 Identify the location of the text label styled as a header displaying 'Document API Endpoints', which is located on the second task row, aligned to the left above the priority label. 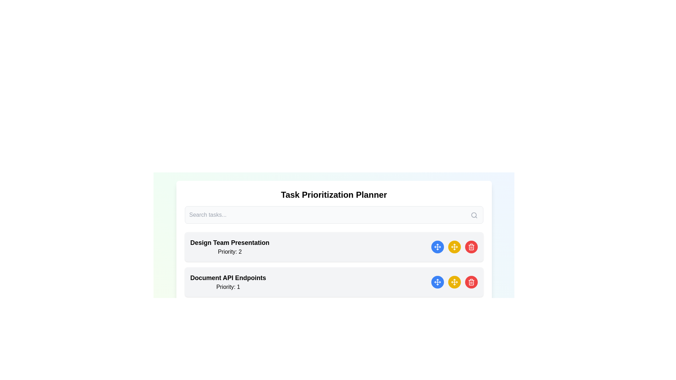
(228, 278).